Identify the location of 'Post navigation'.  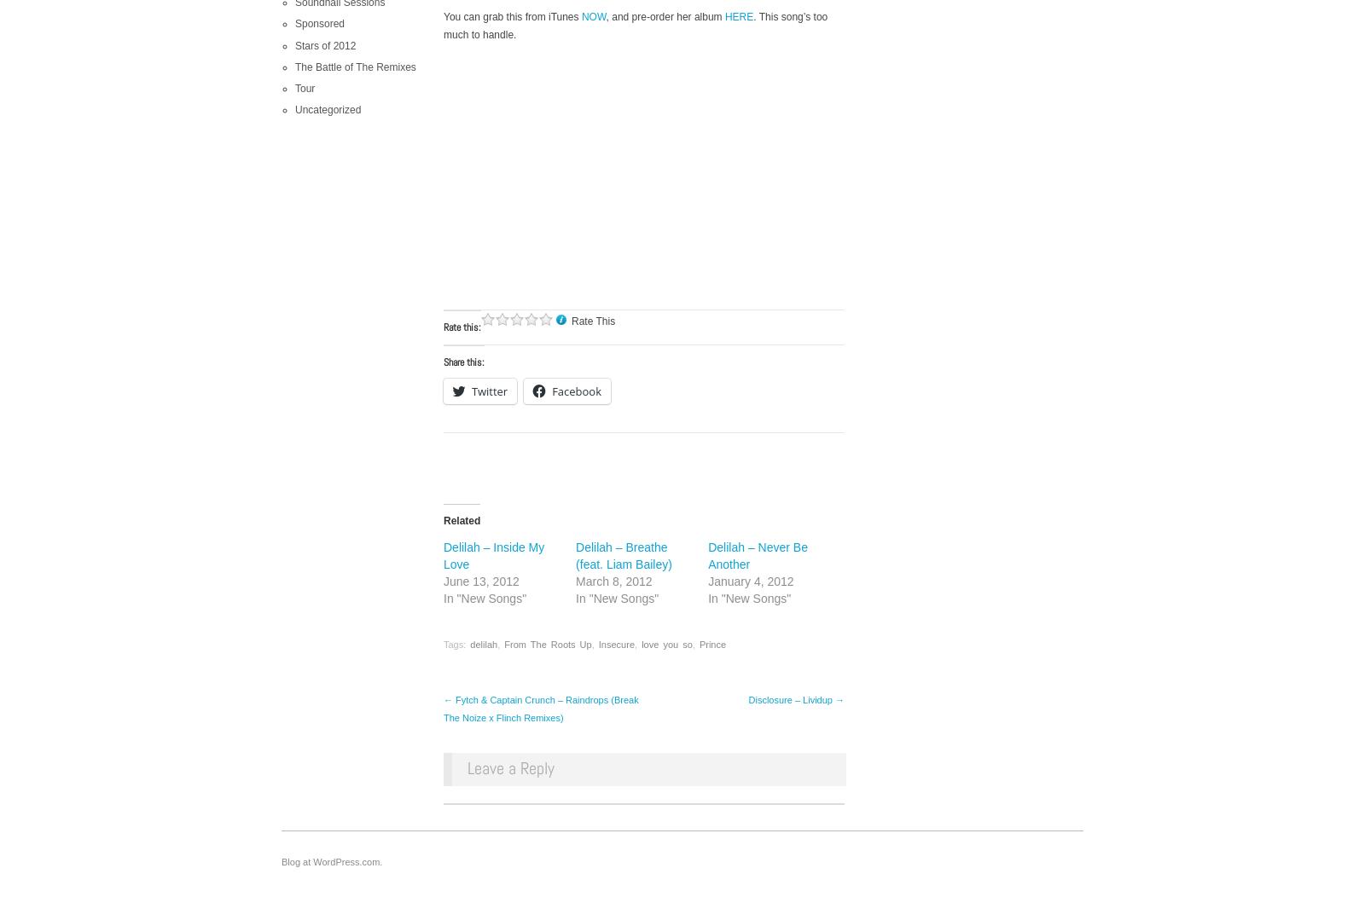
(443, 708).